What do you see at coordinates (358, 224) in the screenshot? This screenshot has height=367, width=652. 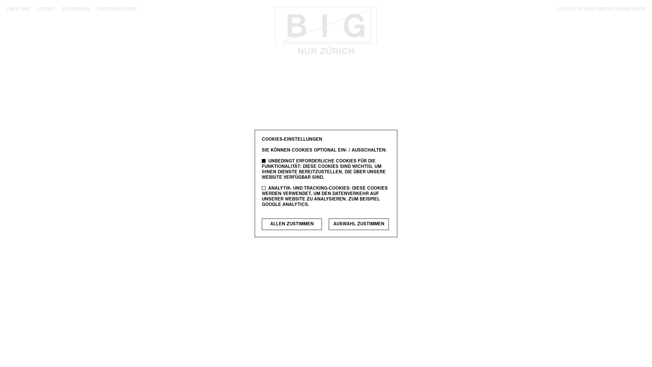 I see `'AUSWAHL ZUSTIMMEN'` at bounding box center [358, 224].